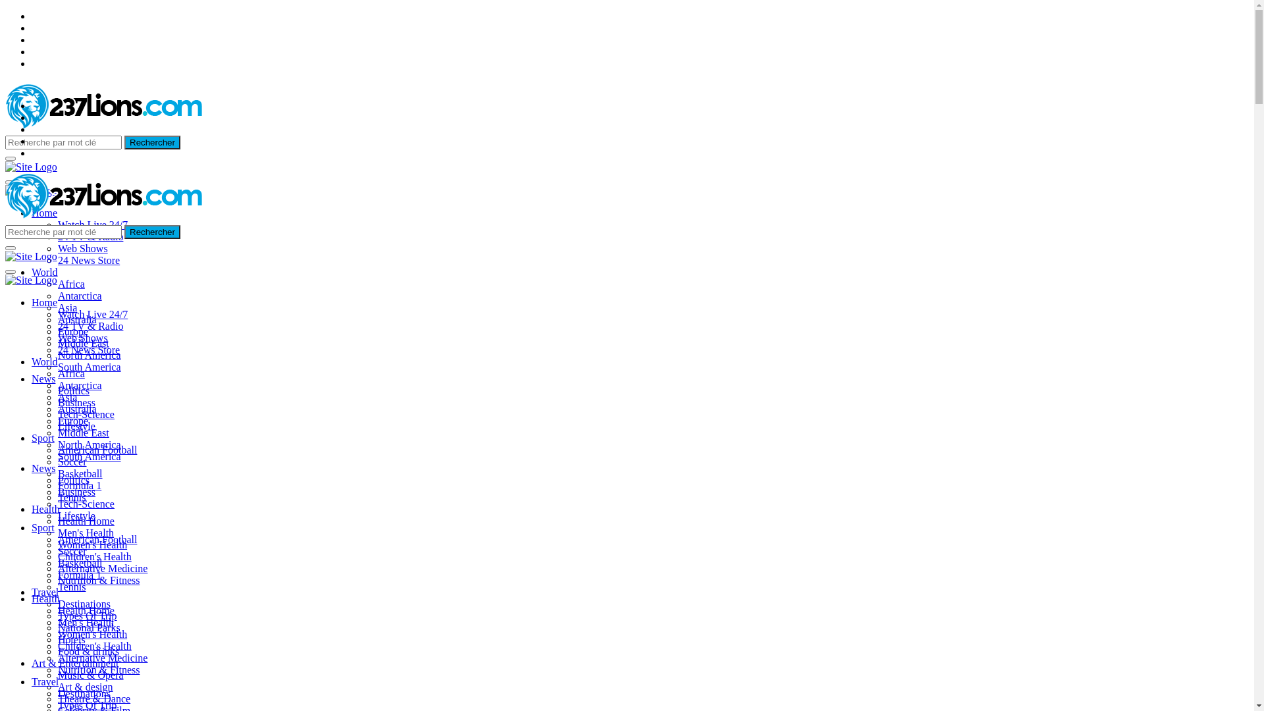  Describe the element at coordinates (152, 231) in the screenshot. I see `'Rechercher'` at that location.